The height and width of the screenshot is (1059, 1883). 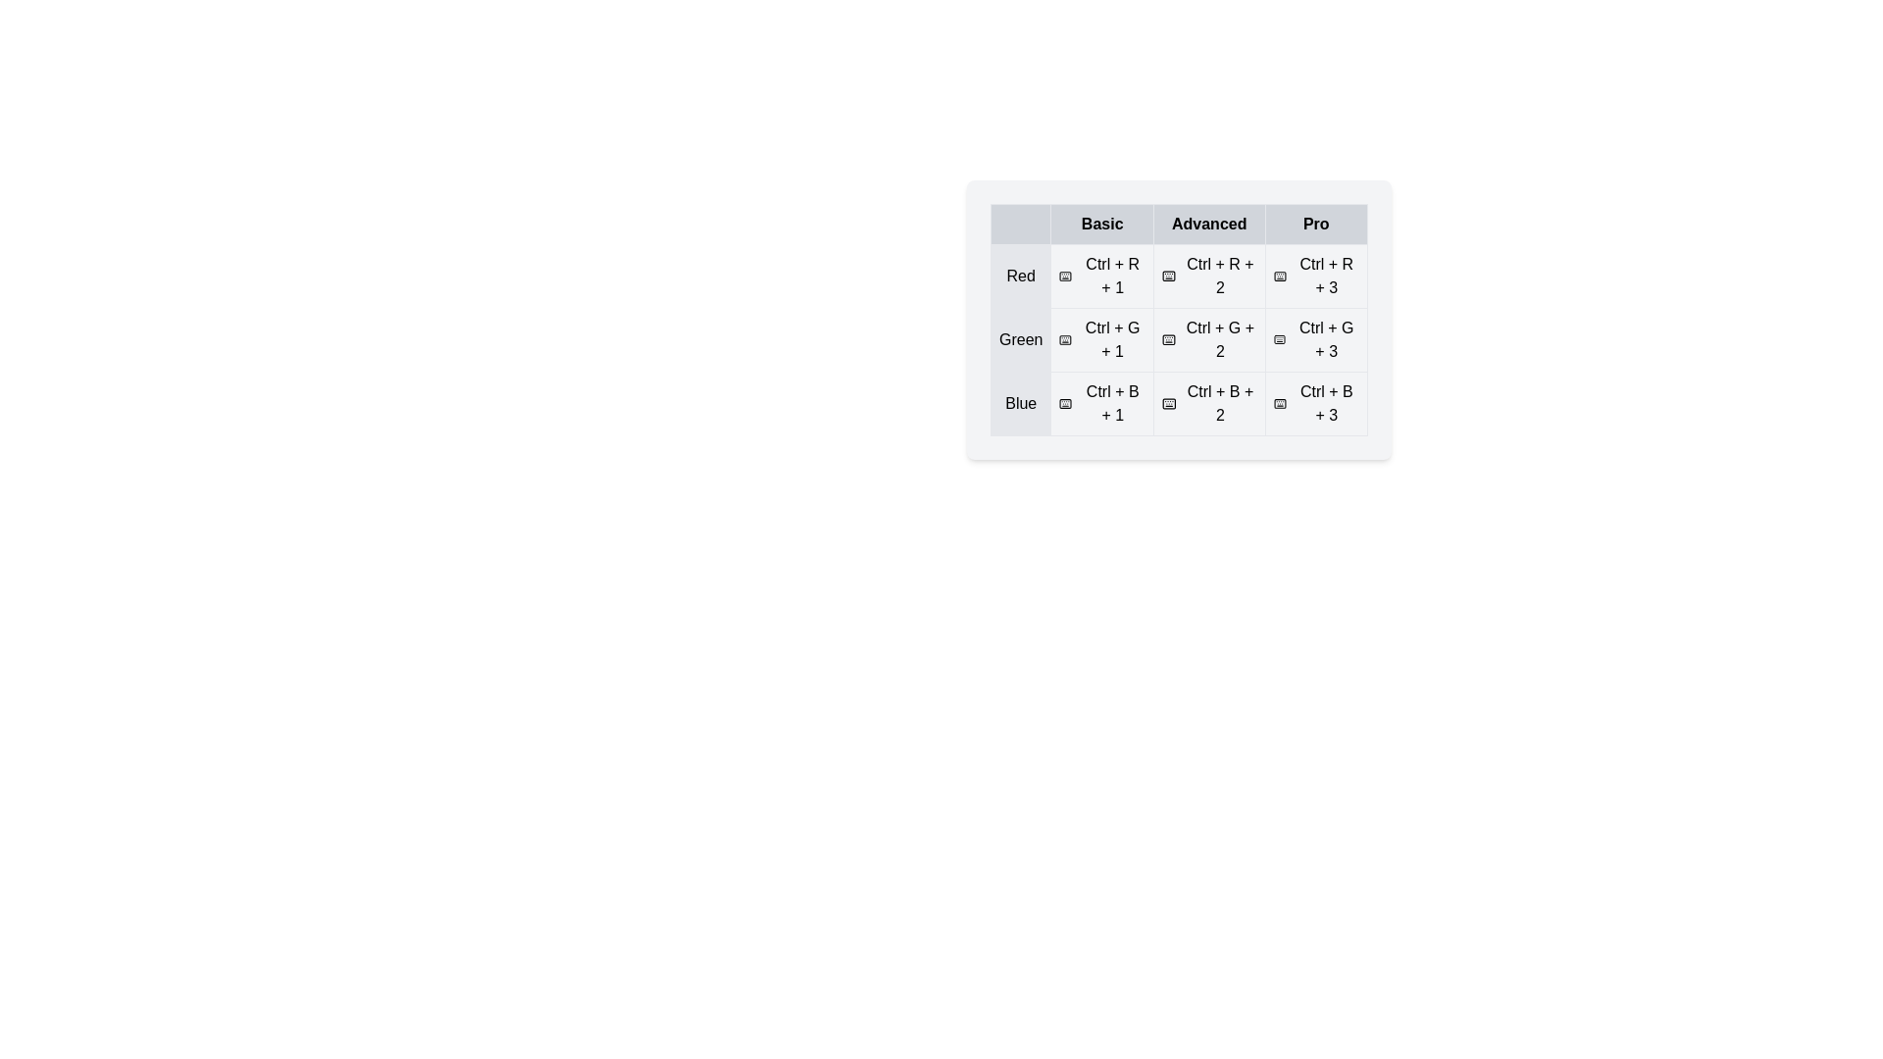 What do you see at coordinates (1208, 223) in the screenshot?
I see `the 'Advanced' button, which is a standard non-interactive button with a light gray background and bold black text, centered in a row of buttons labeled 'Basic', 'Advanced', and 'Pro'` at bounding box center [1208, 223].